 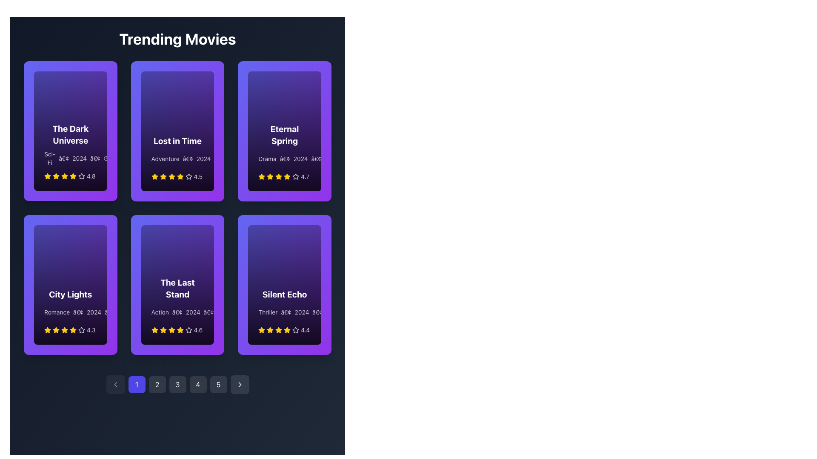 What do you see at coordinates (137, 385) in the screenshot?
I see `the rounded square button with a blue background and white text displaying '1'` at bounding box center [137, 385].